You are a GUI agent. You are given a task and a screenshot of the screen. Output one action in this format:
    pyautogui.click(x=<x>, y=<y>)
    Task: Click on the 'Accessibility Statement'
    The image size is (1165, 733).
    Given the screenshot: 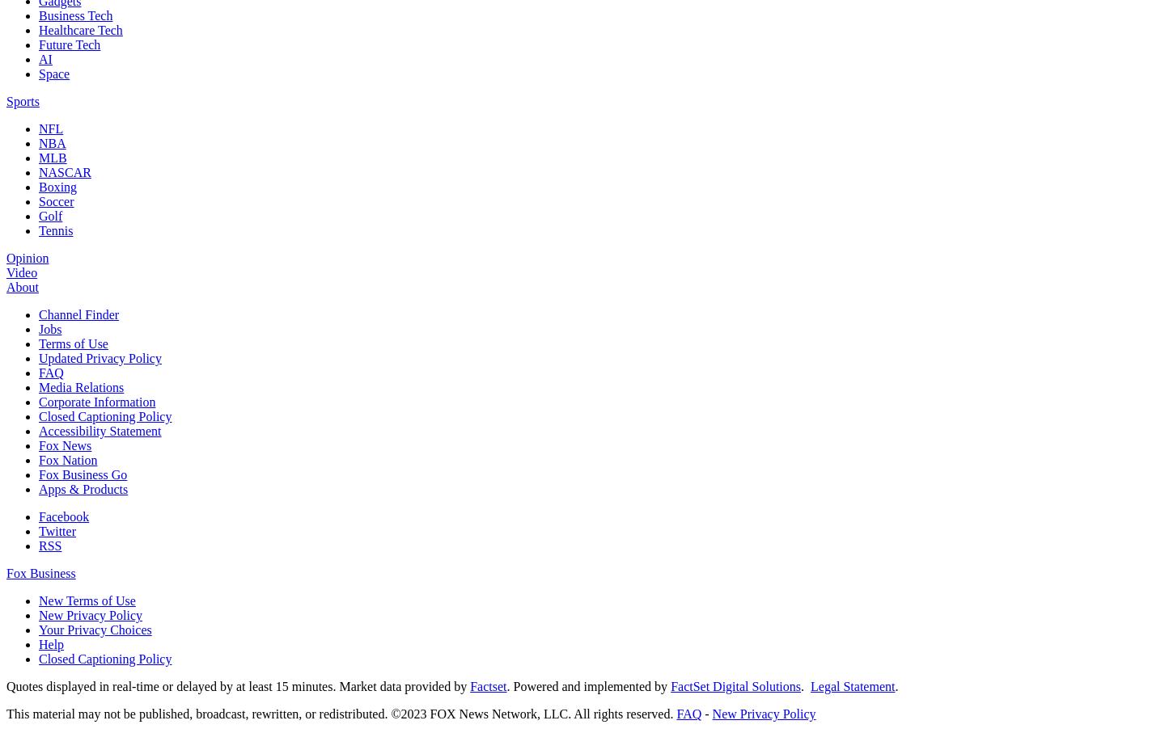 What is the action you would take?
    pyautogui.click(x=99, y=429)
    